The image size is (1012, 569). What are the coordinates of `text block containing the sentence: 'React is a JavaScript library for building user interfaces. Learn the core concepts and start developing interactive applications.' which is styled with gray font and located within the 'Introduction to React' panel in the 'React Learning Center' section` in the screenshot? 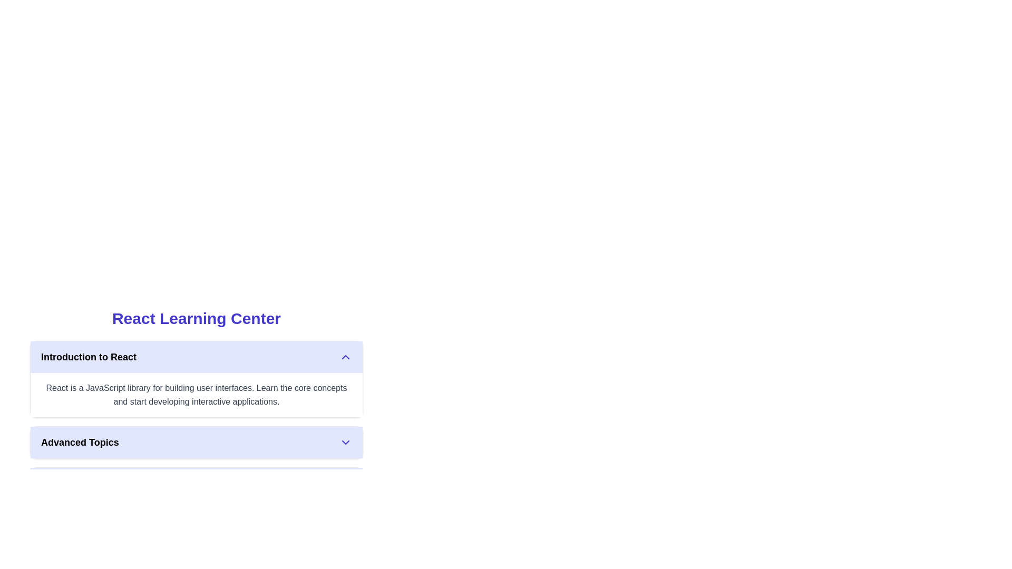 It's located at (197, 395).